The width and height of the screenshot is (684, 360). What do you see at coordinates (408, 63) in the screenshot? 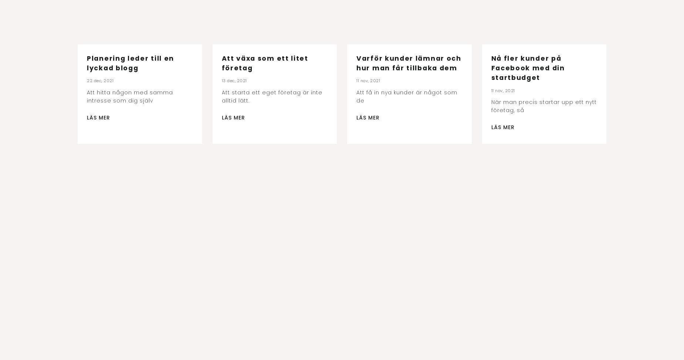
I see `'Varför kunder lämnar och hur man får tillbaka dem'` at bounding box center [408, 63].